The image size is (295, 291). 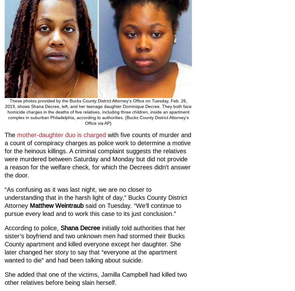 I want to click on 'Contribute Now', so click(x=40, y=259).